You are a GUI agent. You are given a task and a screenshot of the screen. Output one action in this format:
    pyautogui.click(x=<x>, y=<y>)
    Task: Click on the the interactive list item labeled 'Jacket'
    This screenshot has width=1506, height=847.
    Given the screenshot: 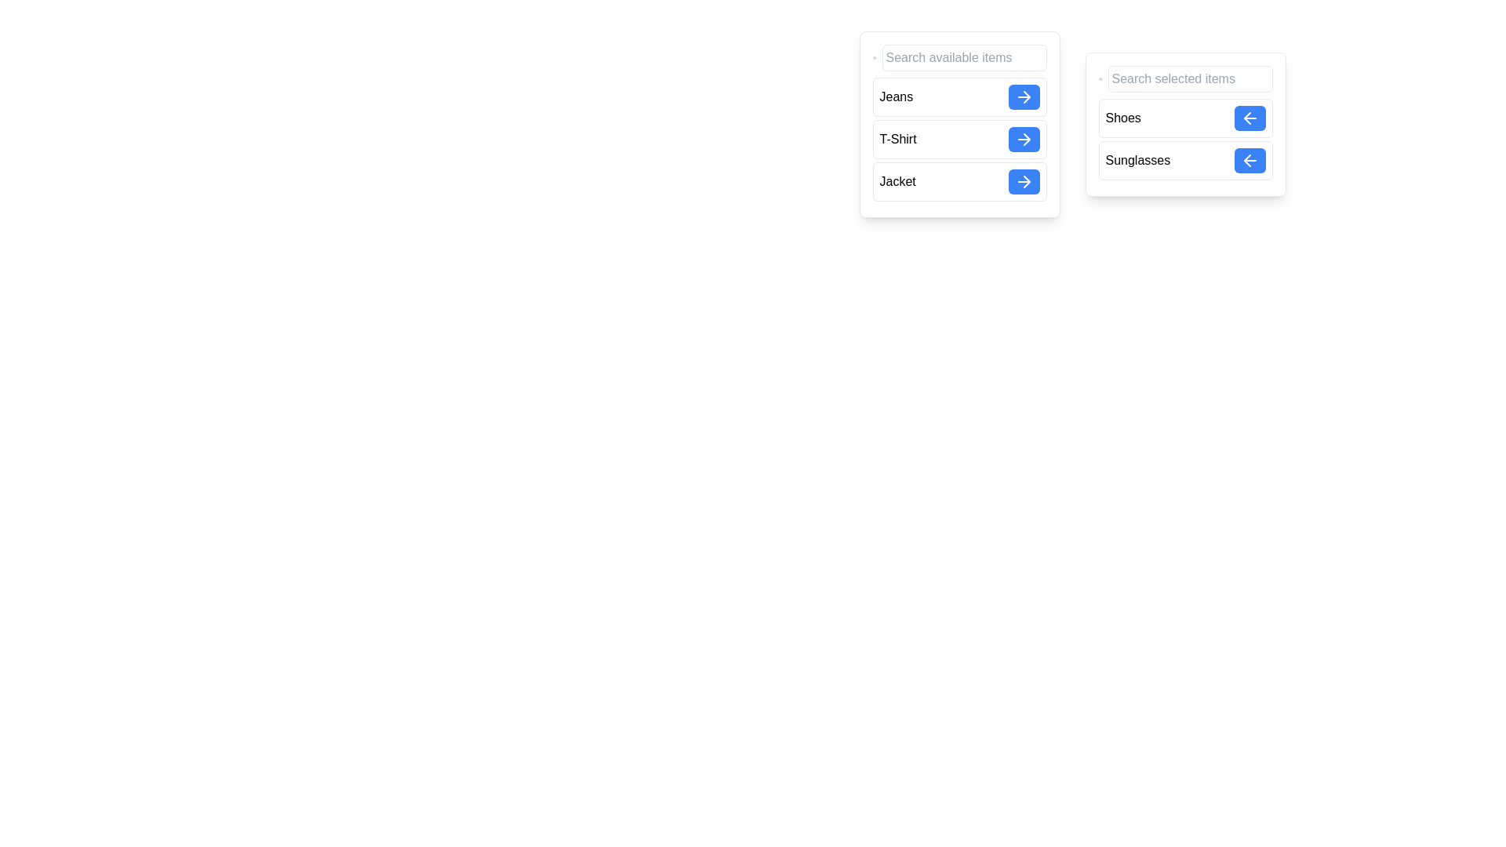 What is the action you would take?
    pyautogui.click(x=959, y=180)
    